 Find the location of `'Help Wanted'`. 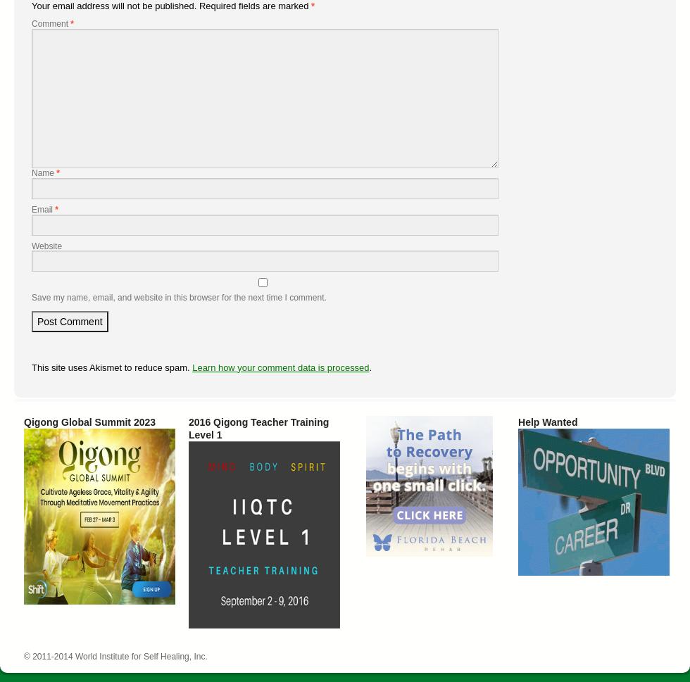

'Help Wanted' is located at coordinates (548, 421).